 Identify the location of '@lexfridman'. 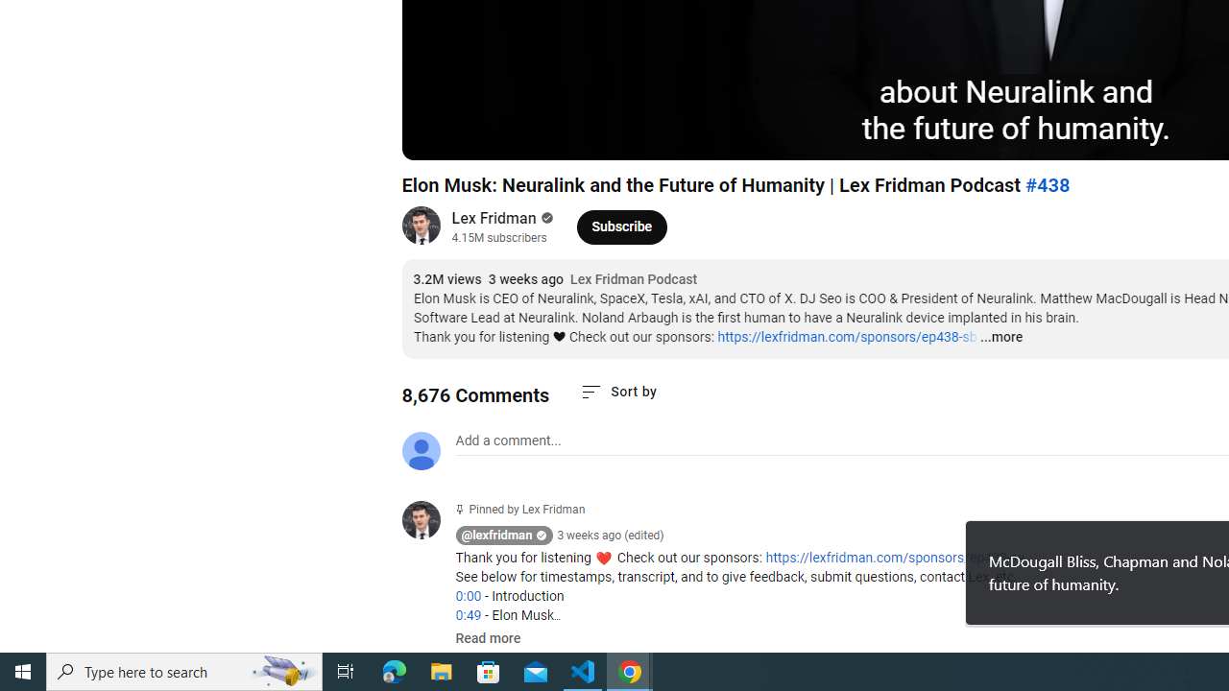
(496, 536).